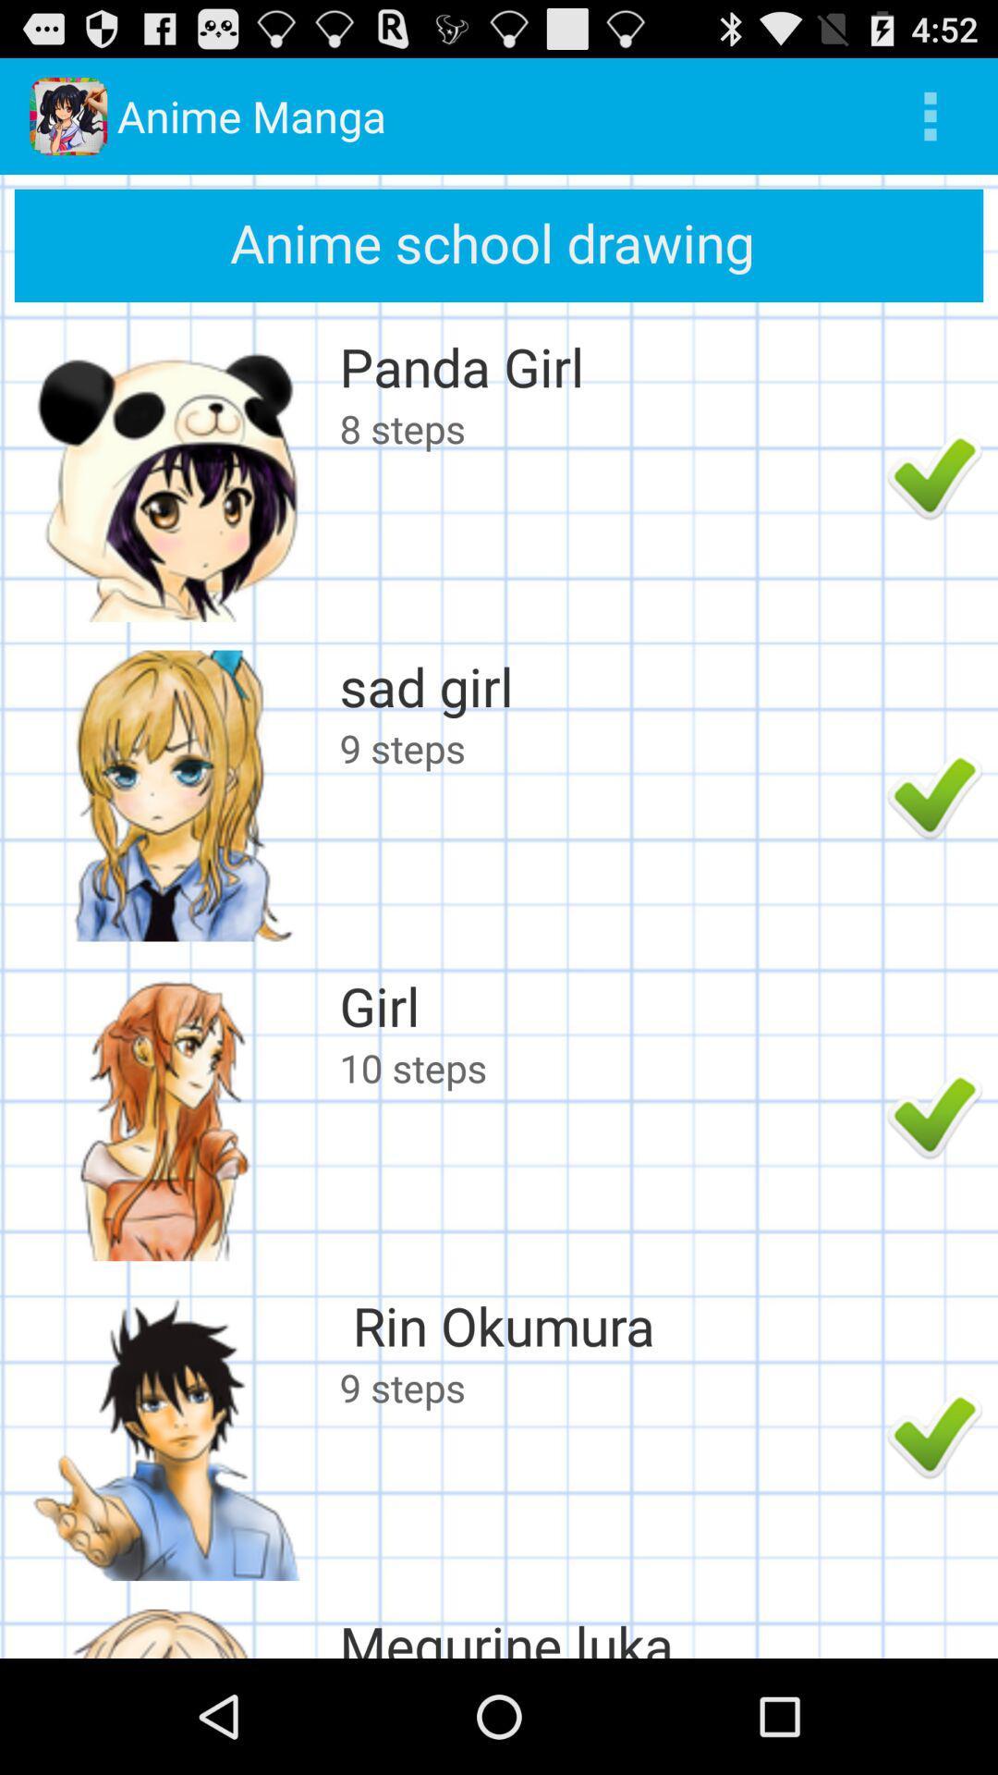 This screenshot has width=998, height=1775. What do you see at coordinates (608, 685) in the screenshot?
I see `the sad girl` at bounding box center [608, 685].